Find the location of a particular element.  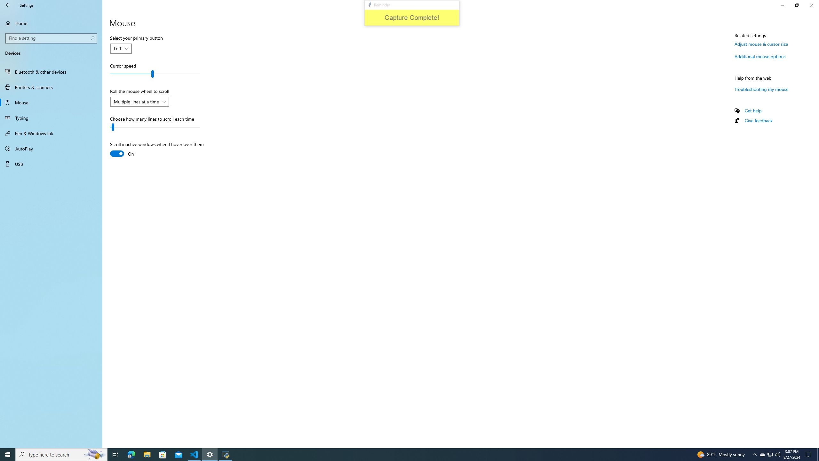

'Minimize Settings' is located at coordinates (782, 5).